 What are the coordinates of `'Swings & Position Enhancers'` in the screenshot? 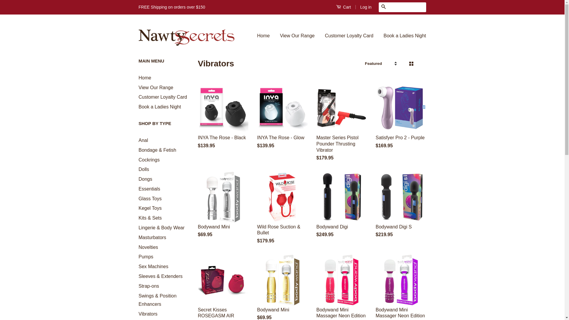 It's located at (158, 300).